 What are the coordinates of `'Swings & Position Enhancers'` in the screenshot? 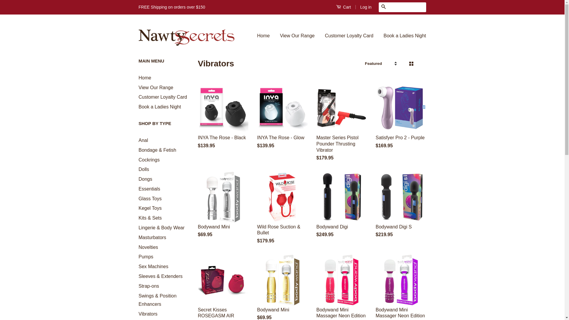 It's located at (158, 300).